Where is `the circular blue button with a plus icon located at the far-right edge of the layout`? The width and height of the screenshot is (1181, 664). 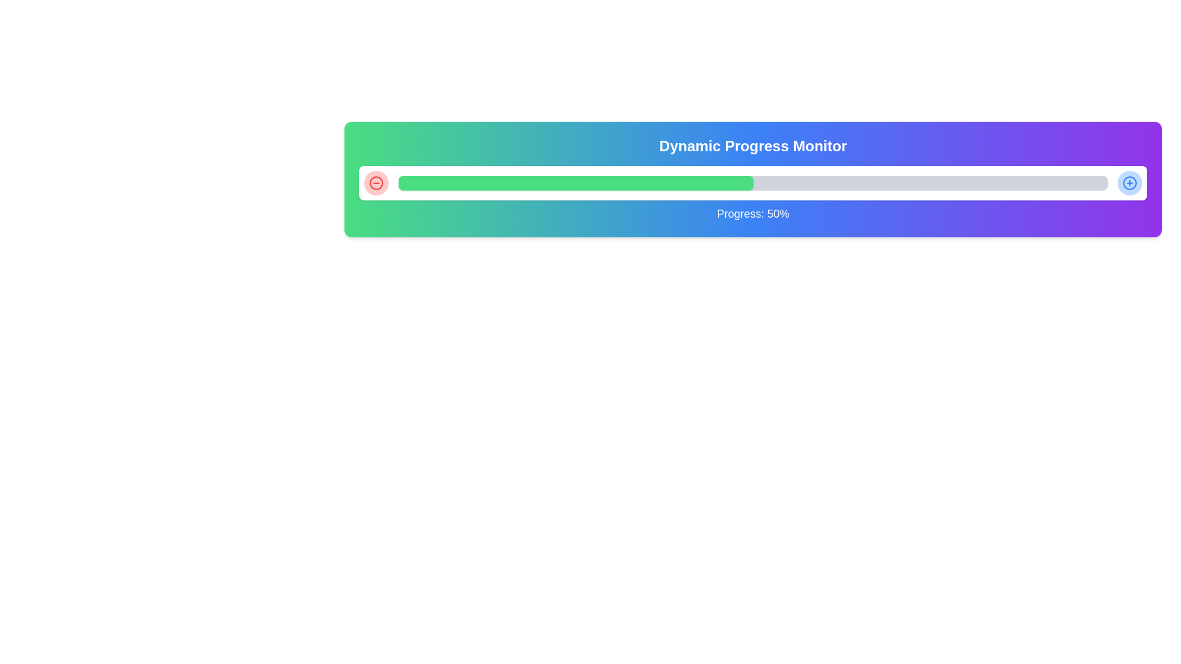
the circular blue button with a plus icon located at the far-right edge of the layout is located at coordinates (1130, 183).